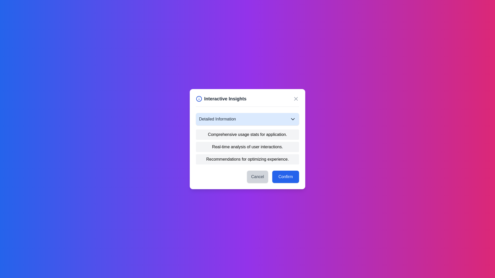 Image resolution: width=495 pixels, height=278 pixels. I want to click on the 'Interactive Insights' text label, which is styled in bold and dark gray, located at the top part of a centered modal dialog, next to an information icon, so click(225, 99).